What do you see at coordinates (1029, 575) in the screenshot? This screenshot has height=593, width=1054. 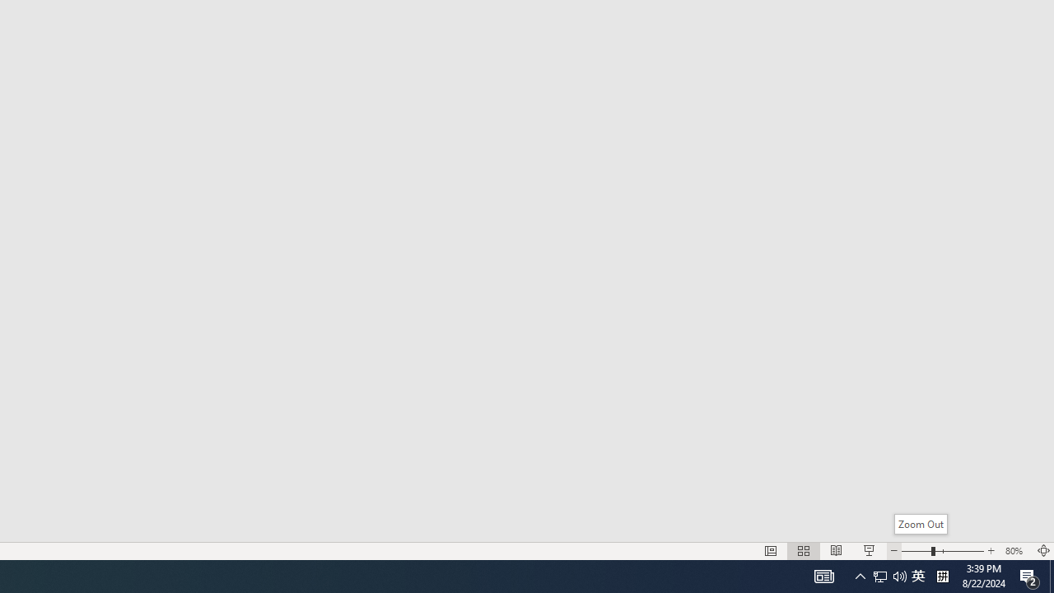 I see `'Action Center, 2 new notifications'` at bounding box center [1029, 575].